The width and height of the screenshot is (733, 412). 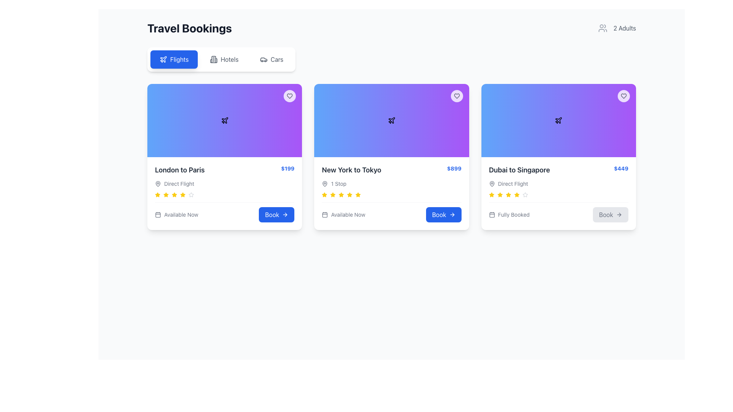 I want to click on the heart icon located at the top-right corner of the card for the 'New York to Tokyo' flight, so click(x=289, y=95).